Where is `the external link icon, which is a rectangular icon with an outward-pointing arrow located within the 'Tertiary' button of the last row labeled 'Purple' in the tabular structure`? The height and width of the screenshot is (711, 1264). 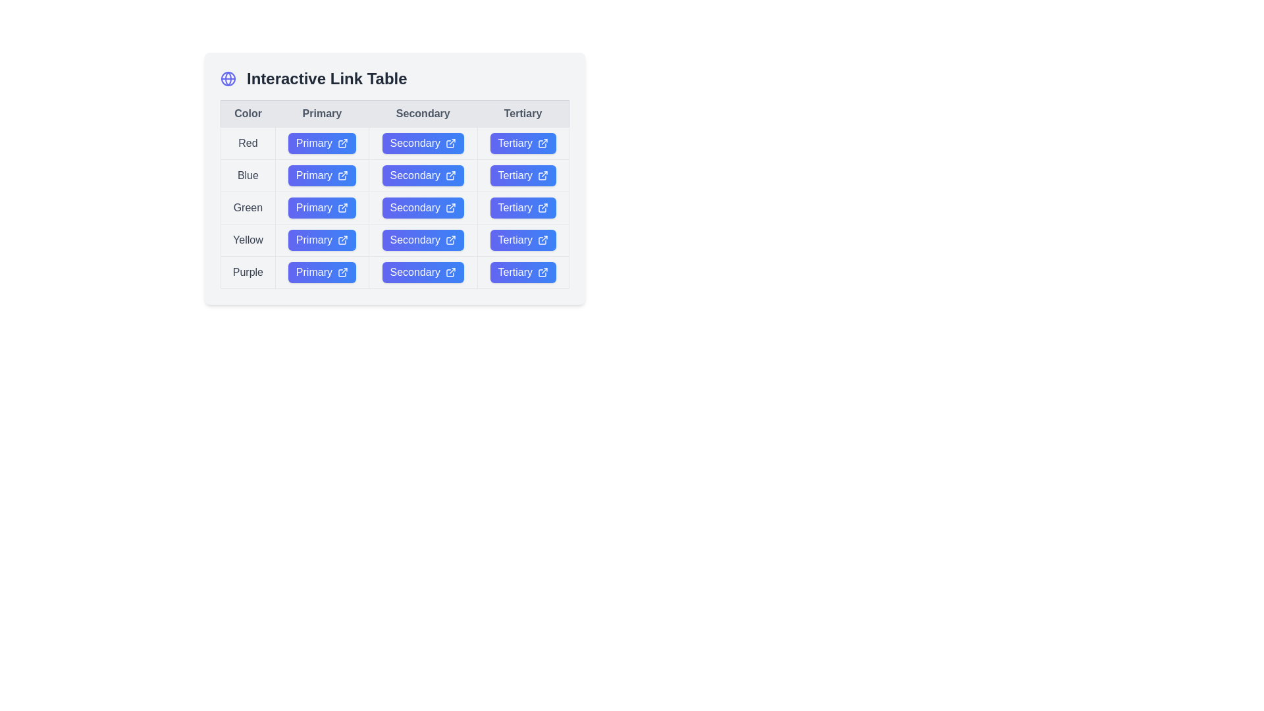 the external link icon, which is a rectangular icon with an outward-pointing arrow located within the 'Tertiary' button of the last row labeled 'Purple' in the tabular structure is located at coordinates (542, 241).